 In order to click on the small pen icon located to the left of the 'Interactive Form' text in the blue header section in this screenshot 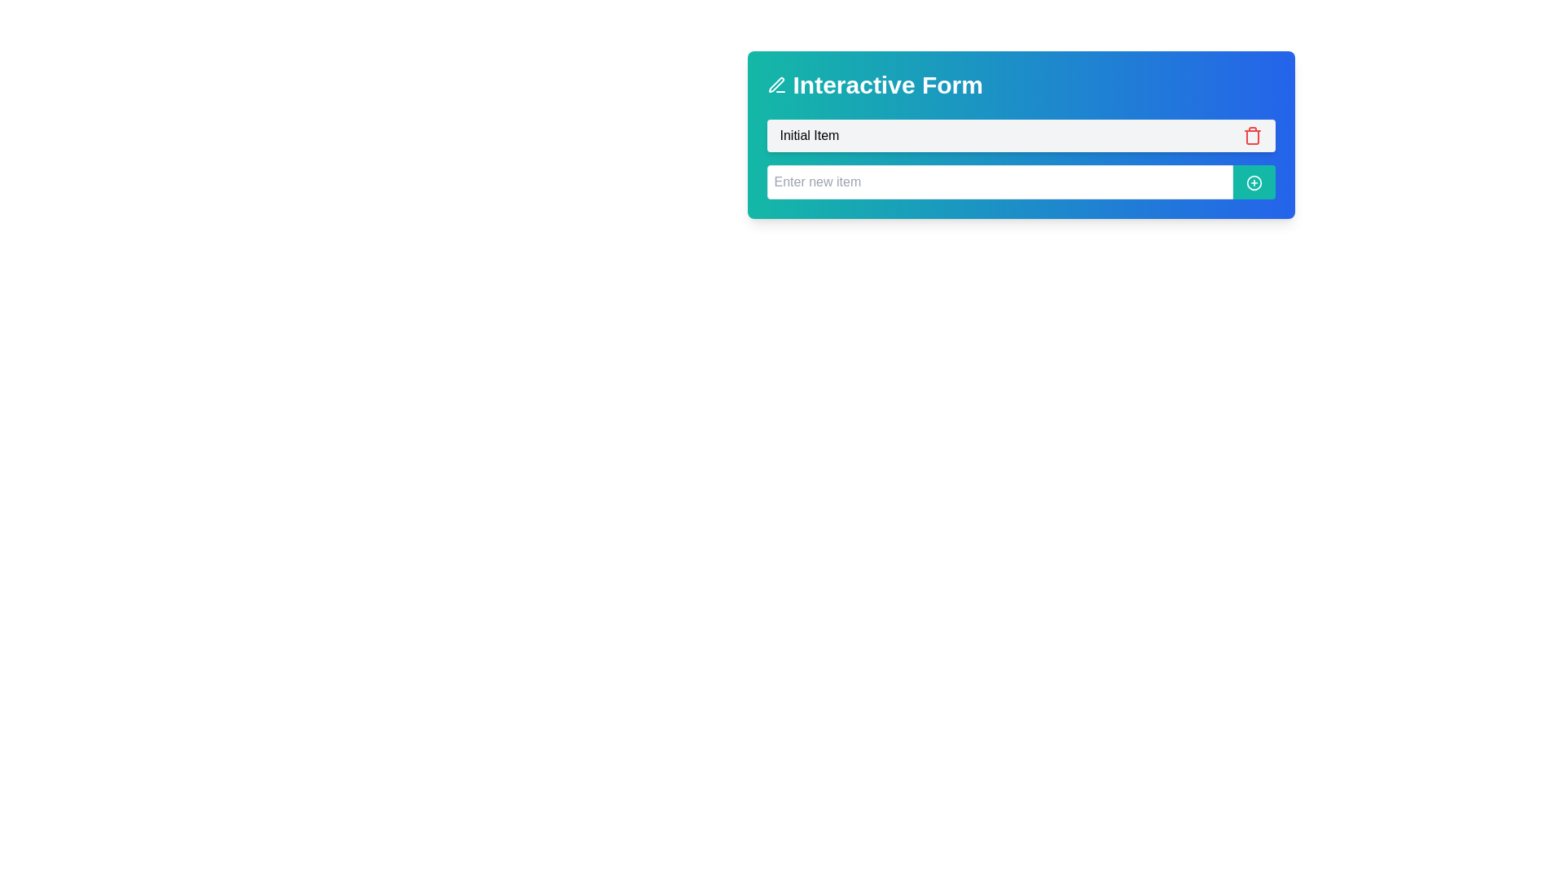, I will do `click(775, 85)`.